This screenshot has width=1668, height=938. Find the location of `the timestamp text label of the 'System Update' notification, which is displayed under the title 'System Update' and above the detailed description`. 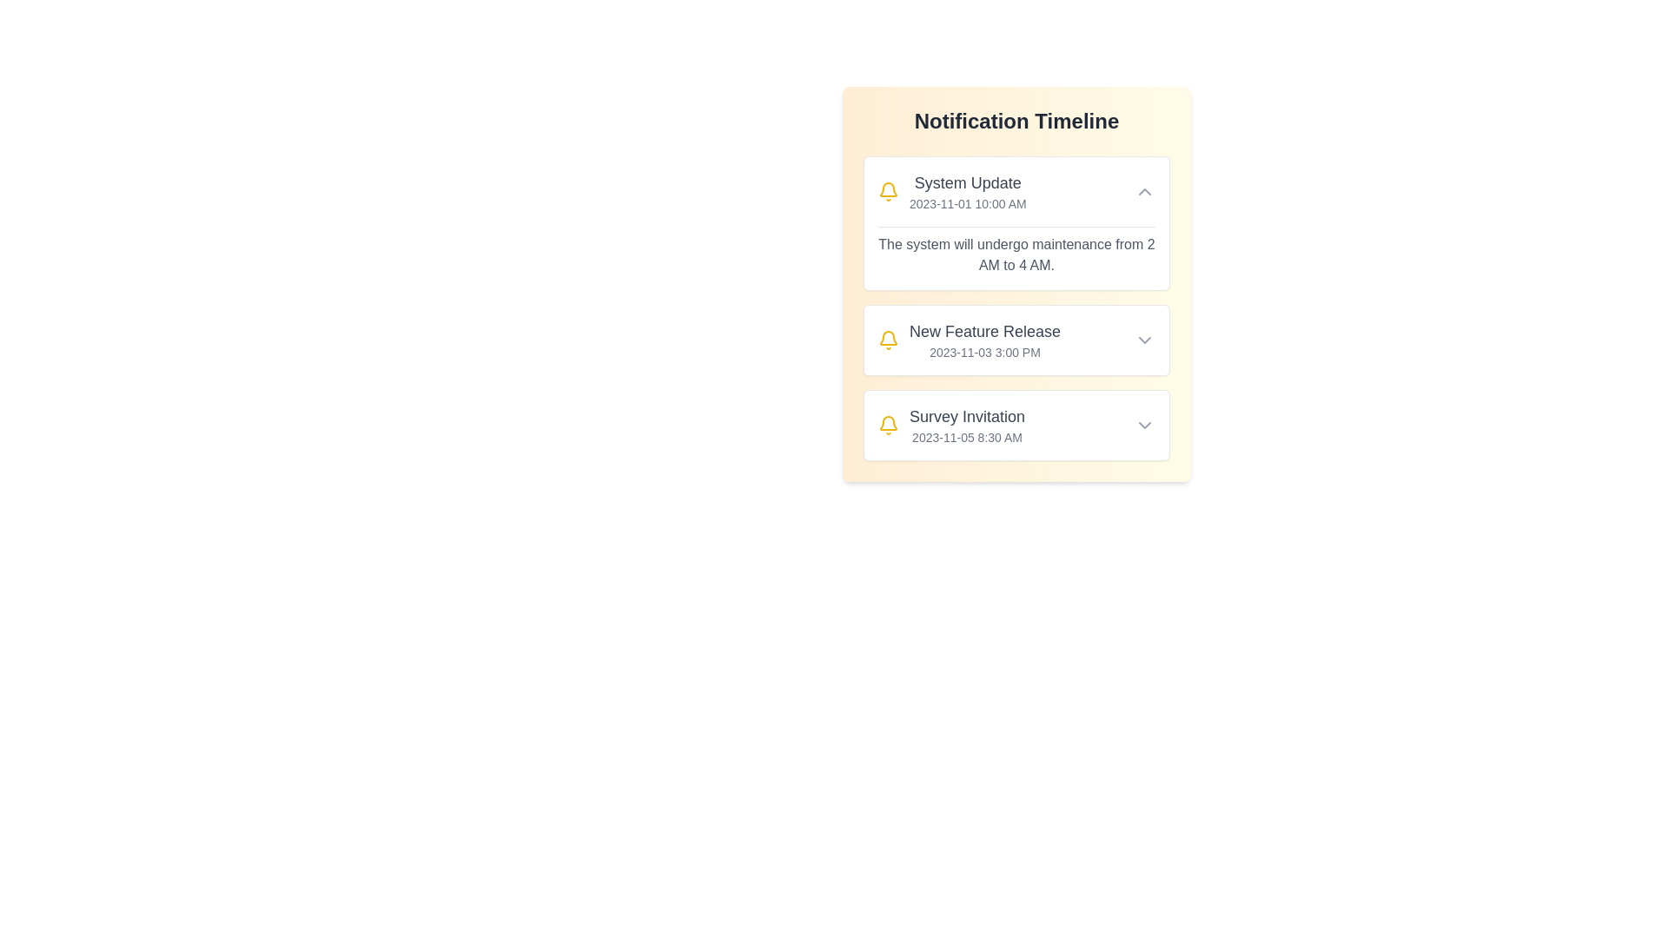

the timestamp text label of the 'System Update' notification, which is displayed under the title 'System Update' and above the detailed description is located at coordinates (967, 203).